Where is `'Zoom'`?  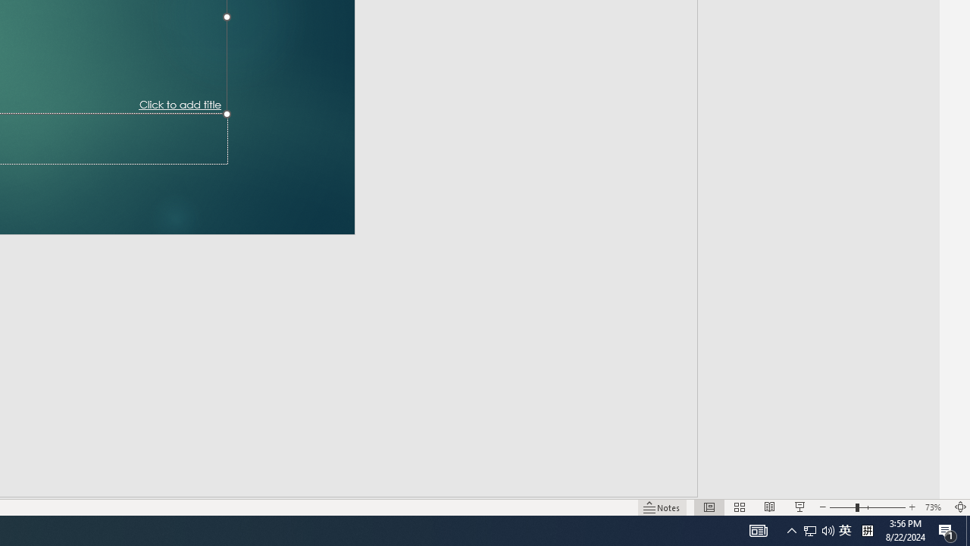
'Zoom' is located at coordinates (845, 485).